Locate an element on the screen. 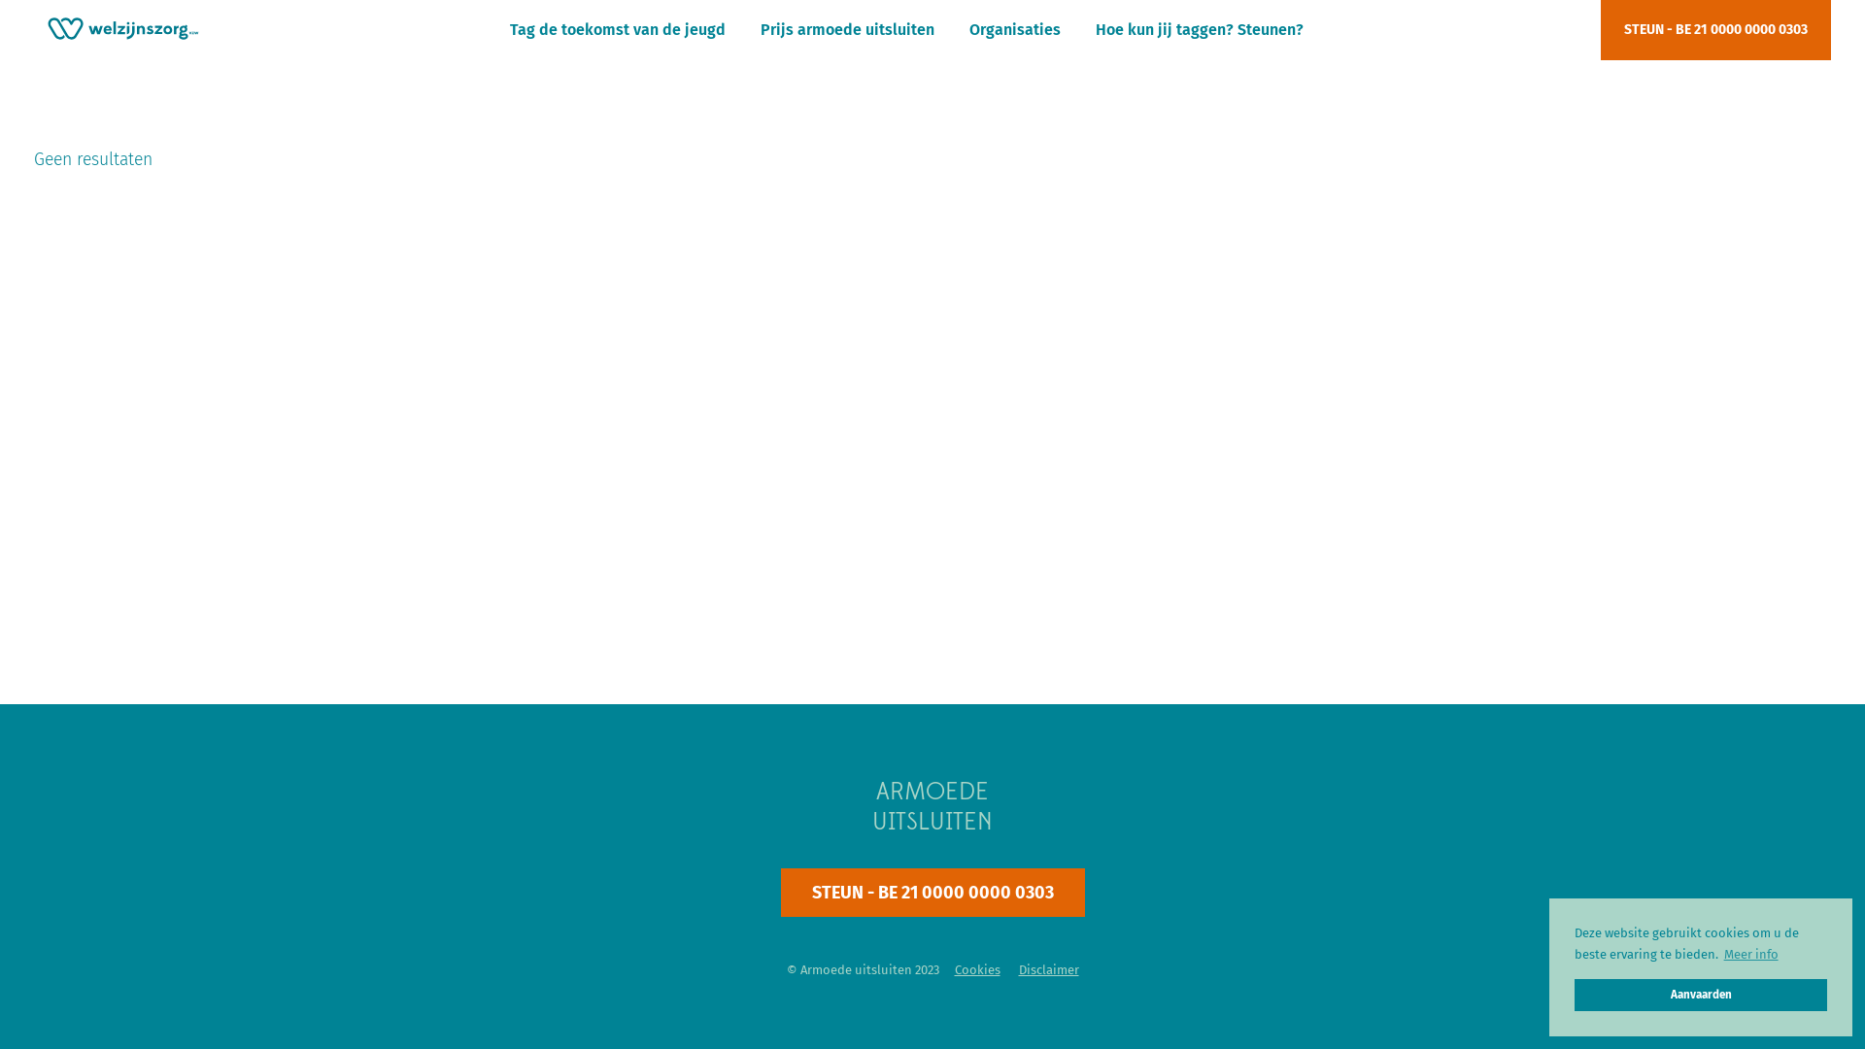 This screenshot has width=1865, height=1049. 'Meer info' is located at coordinates (1750, 953).